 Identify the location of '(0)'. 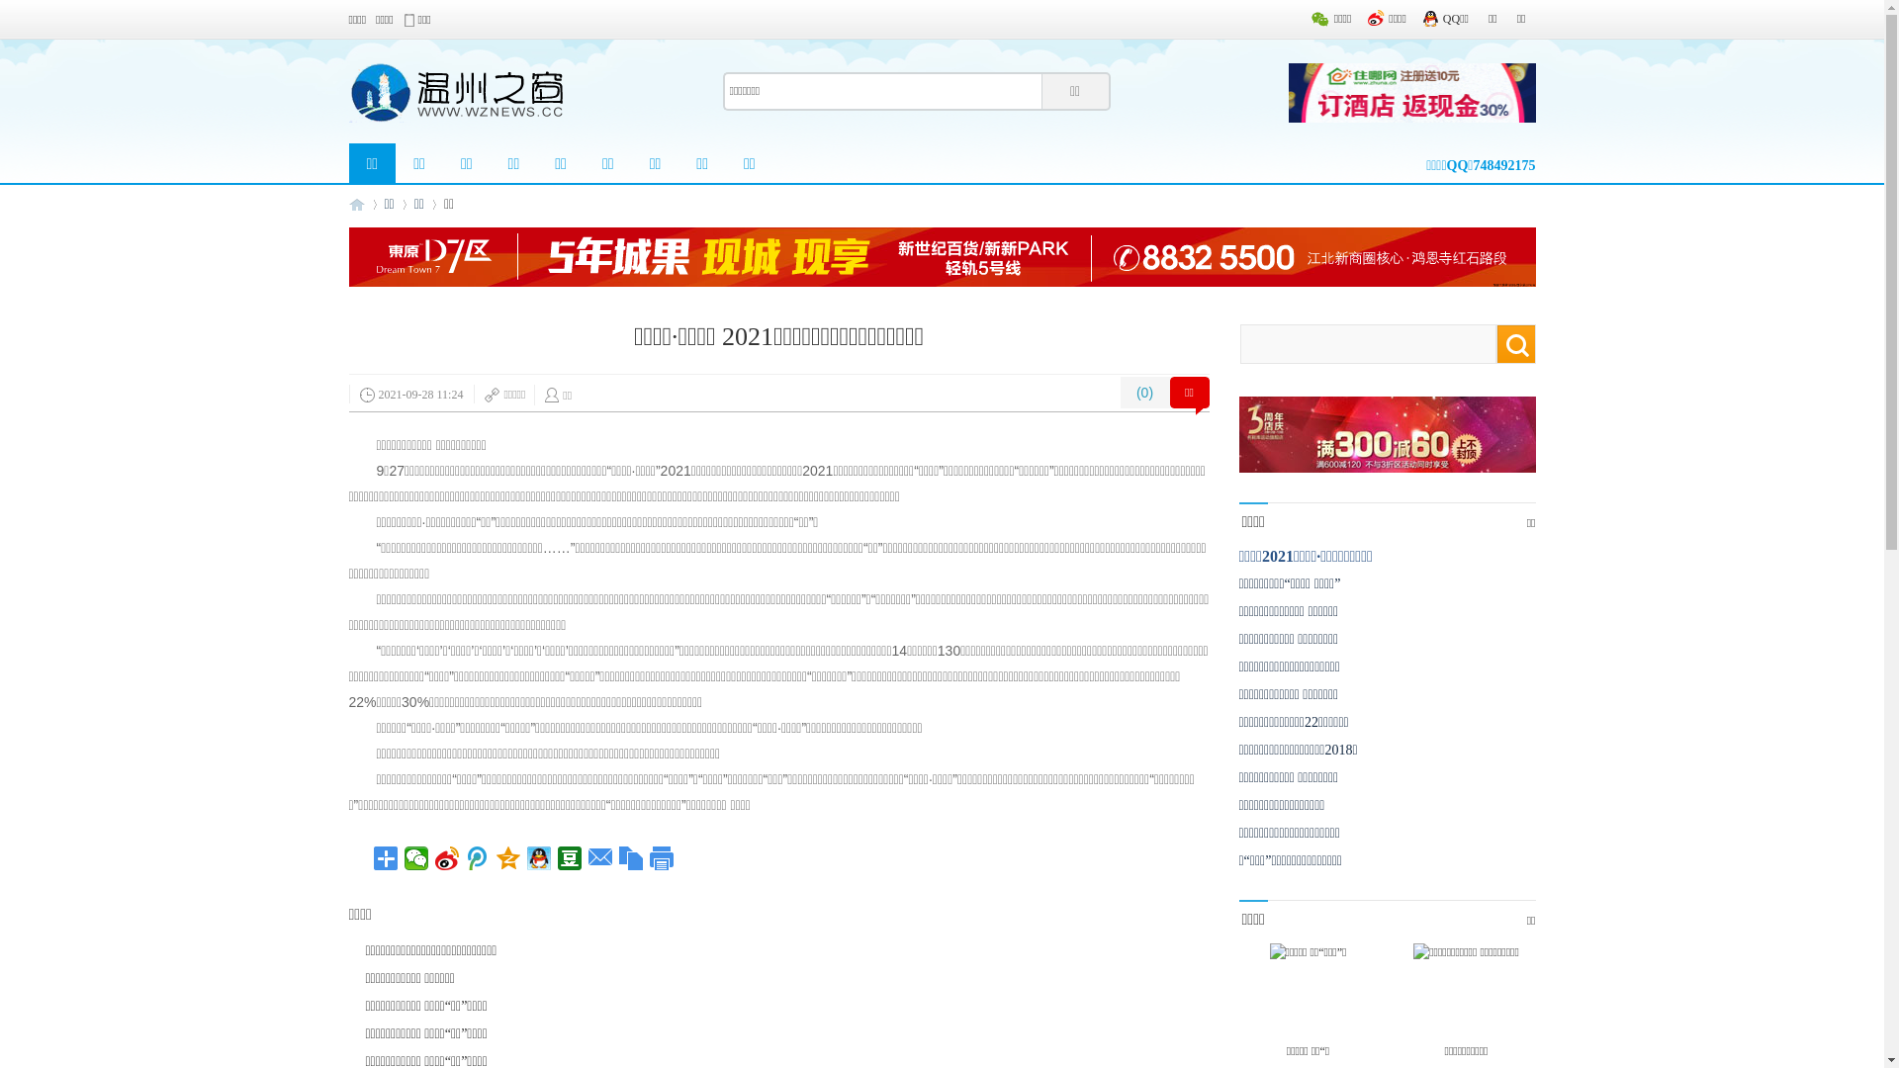
(1143, 393).